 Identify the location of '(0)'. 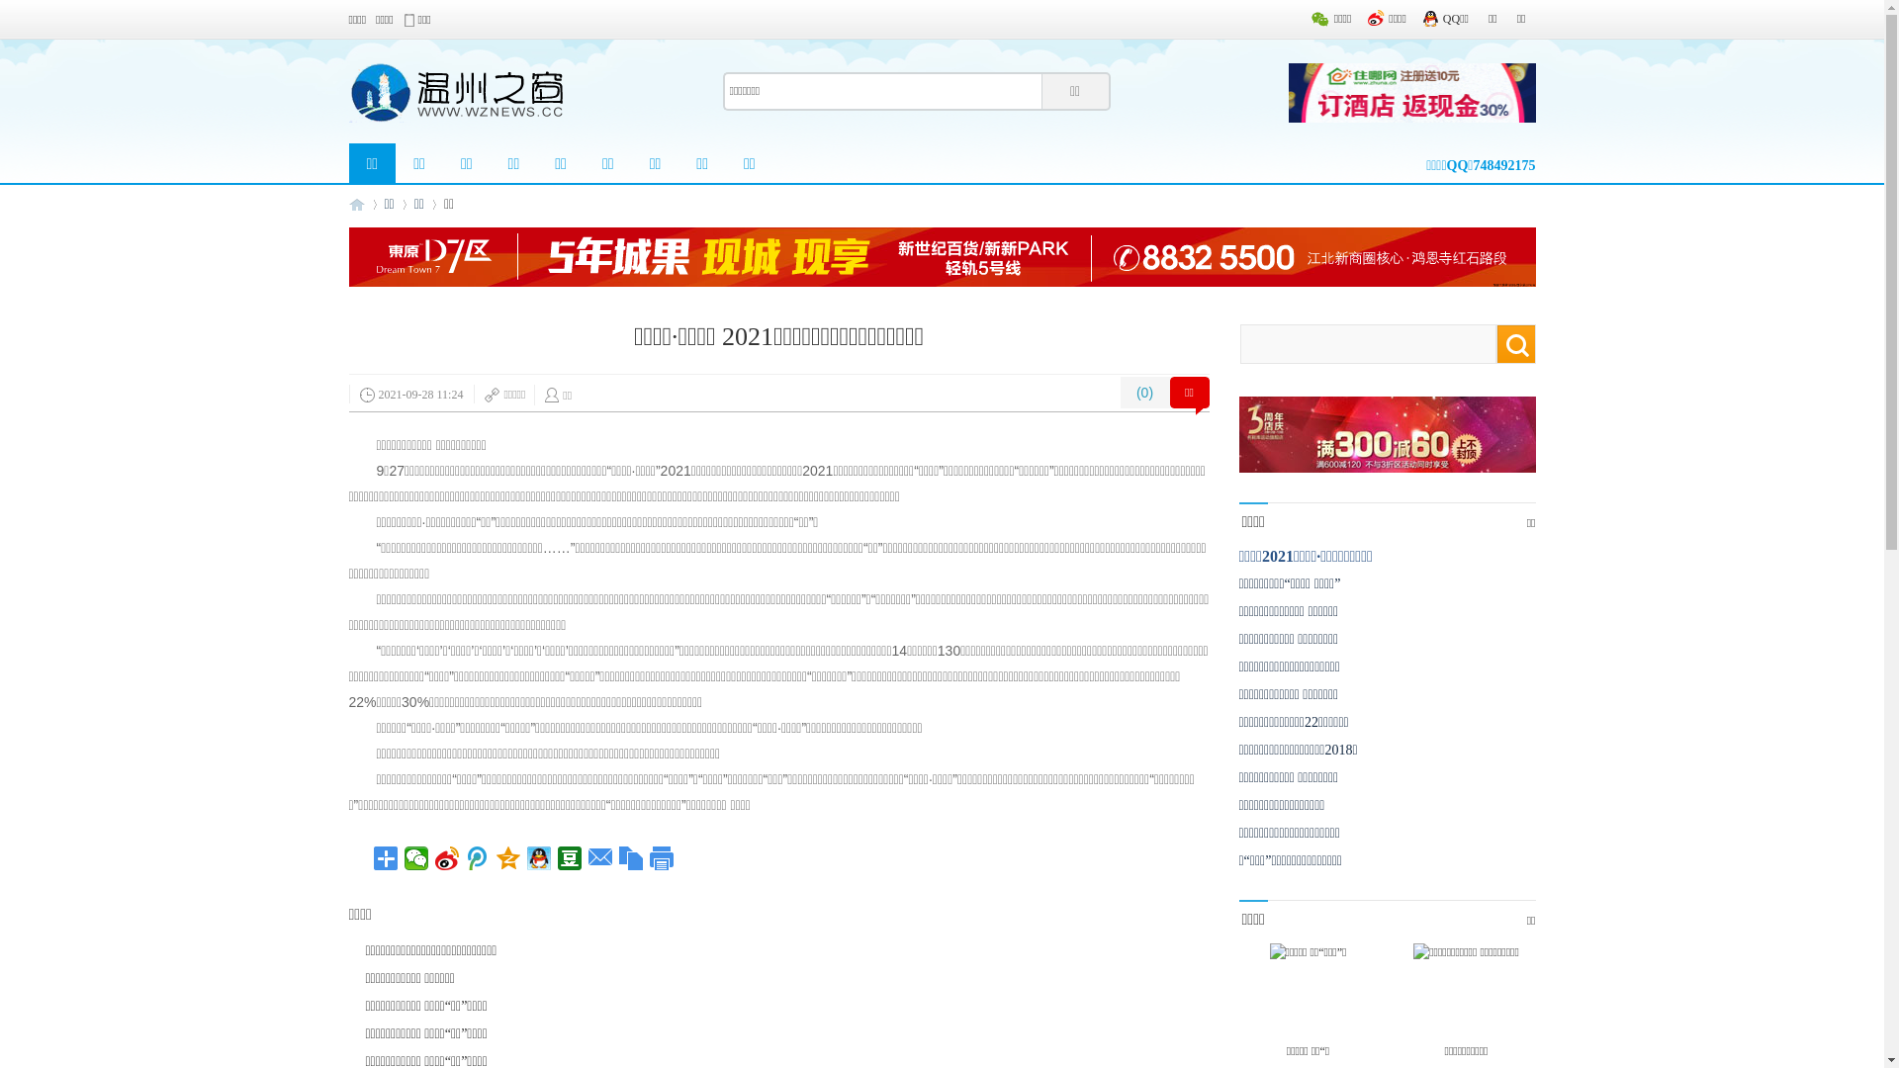
(1143, 393).